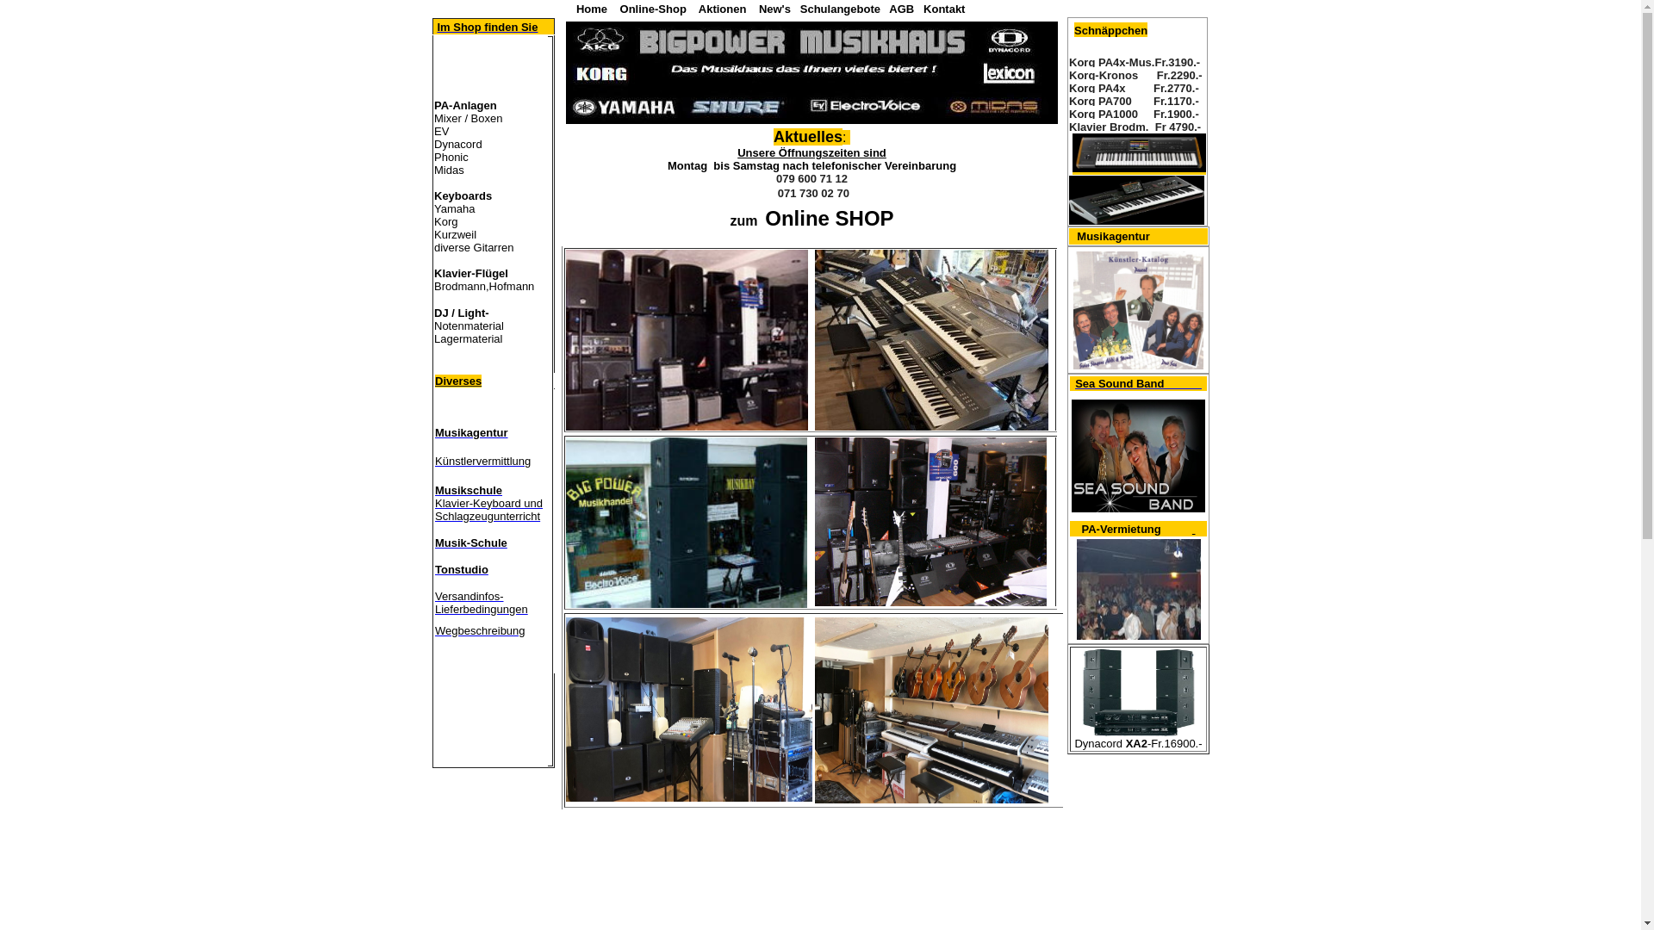 The height and width of the screenshot is (930, 1654). Describe the element at coordinates (743, 220) in the screenshot. I see `'zum'` at that location.